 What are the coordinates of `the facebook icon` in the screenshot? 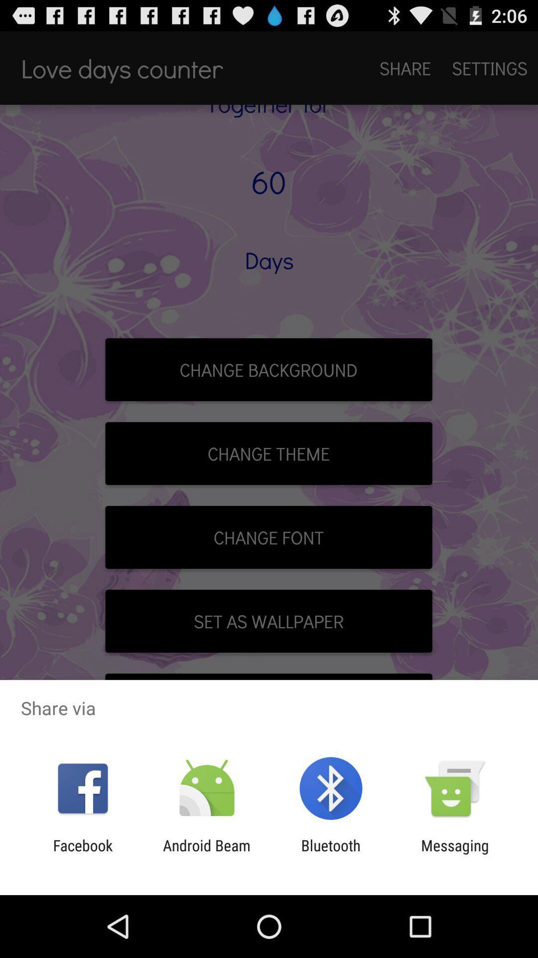 It's located at (82, 854).